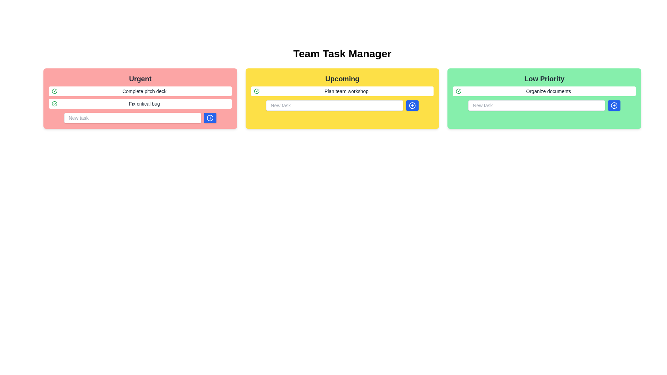  What do you see at coordinates (54, 91) in the screenshot?
I see `the green circular indicator icon with a checkmark, located in the 'Urgent' task section to the left of 'Fix critical bug.'` at bounding box center [54, 91].